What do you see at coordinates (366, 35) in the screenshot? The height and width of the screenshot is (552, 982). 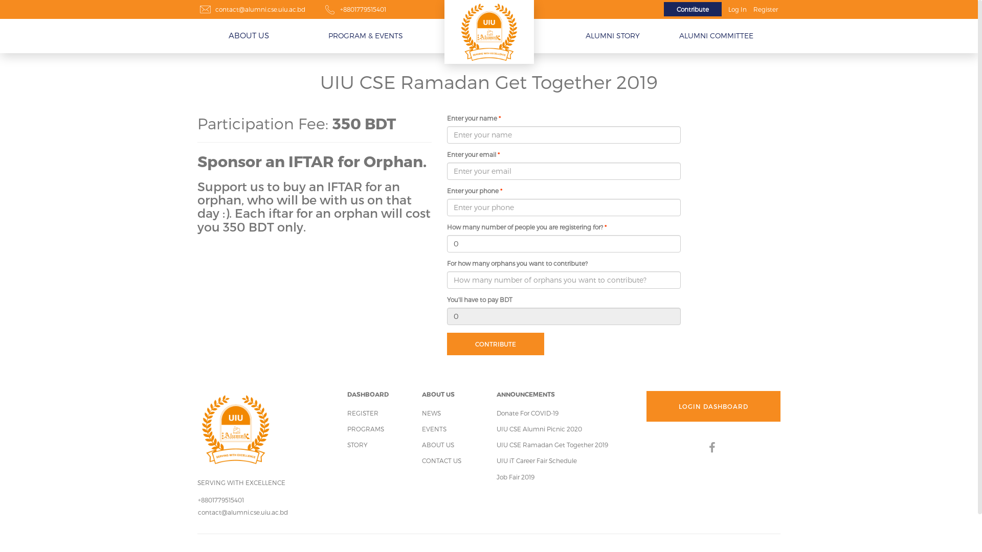 I see `'PROGRAM & EVENTS'` at bounding box center [366, 35].